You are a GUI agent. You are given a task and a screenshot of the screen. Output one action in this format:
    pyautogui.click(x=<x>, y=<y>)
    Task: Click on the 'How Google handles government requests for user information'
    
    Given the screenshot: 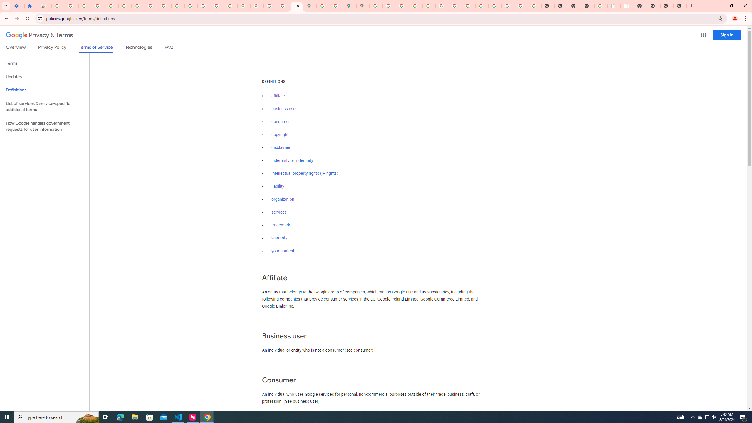 What is the action you would take?
    pyautogui.click(x=44, y=126)
    